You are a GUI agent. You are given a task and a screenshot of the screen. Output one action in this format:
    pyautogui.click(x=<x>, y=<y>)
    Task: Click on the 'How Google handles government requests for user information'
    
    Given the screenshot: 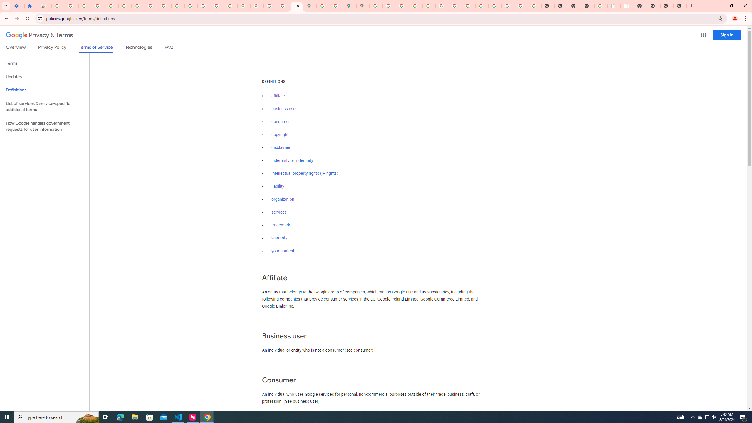 What is the action you would take?
    pyautogui.click(x=44, y=126)
    